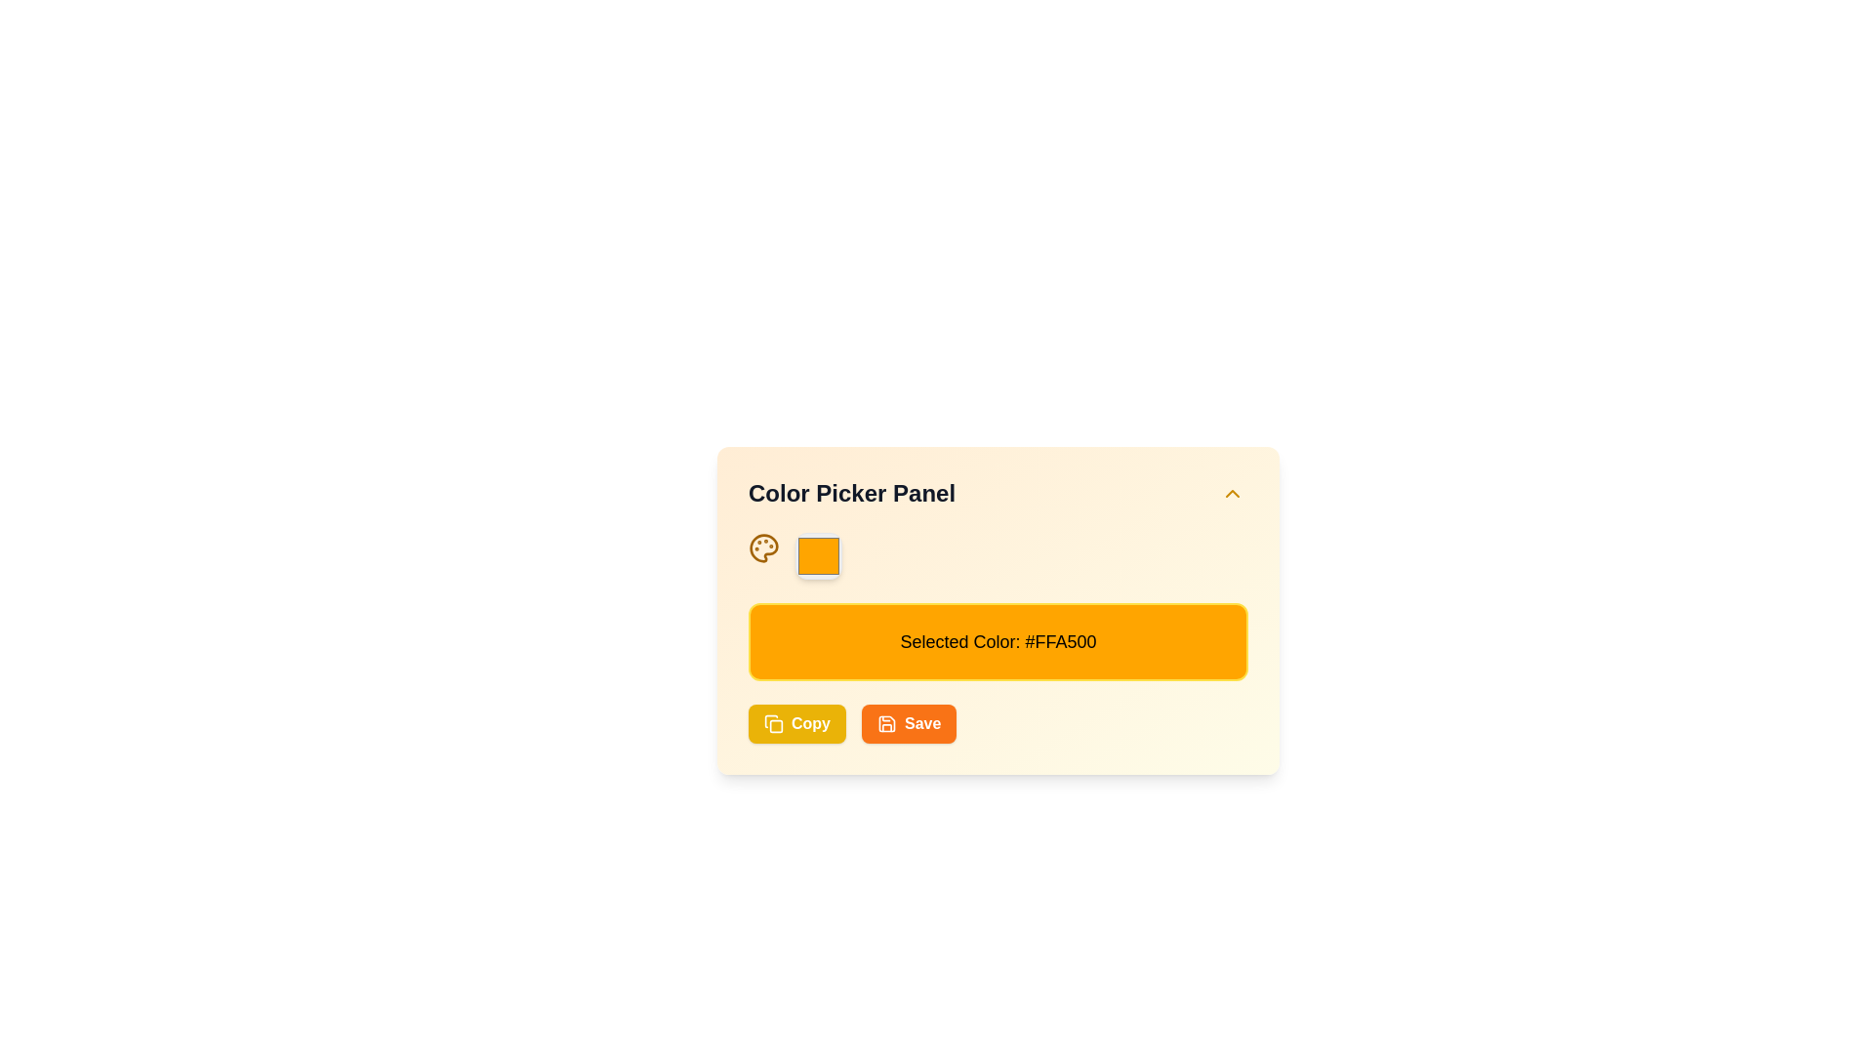  What do you see at coordinates (796, 723) in the screenshot?
I see `the 'Copy' button` at bounding box center [796, 723].